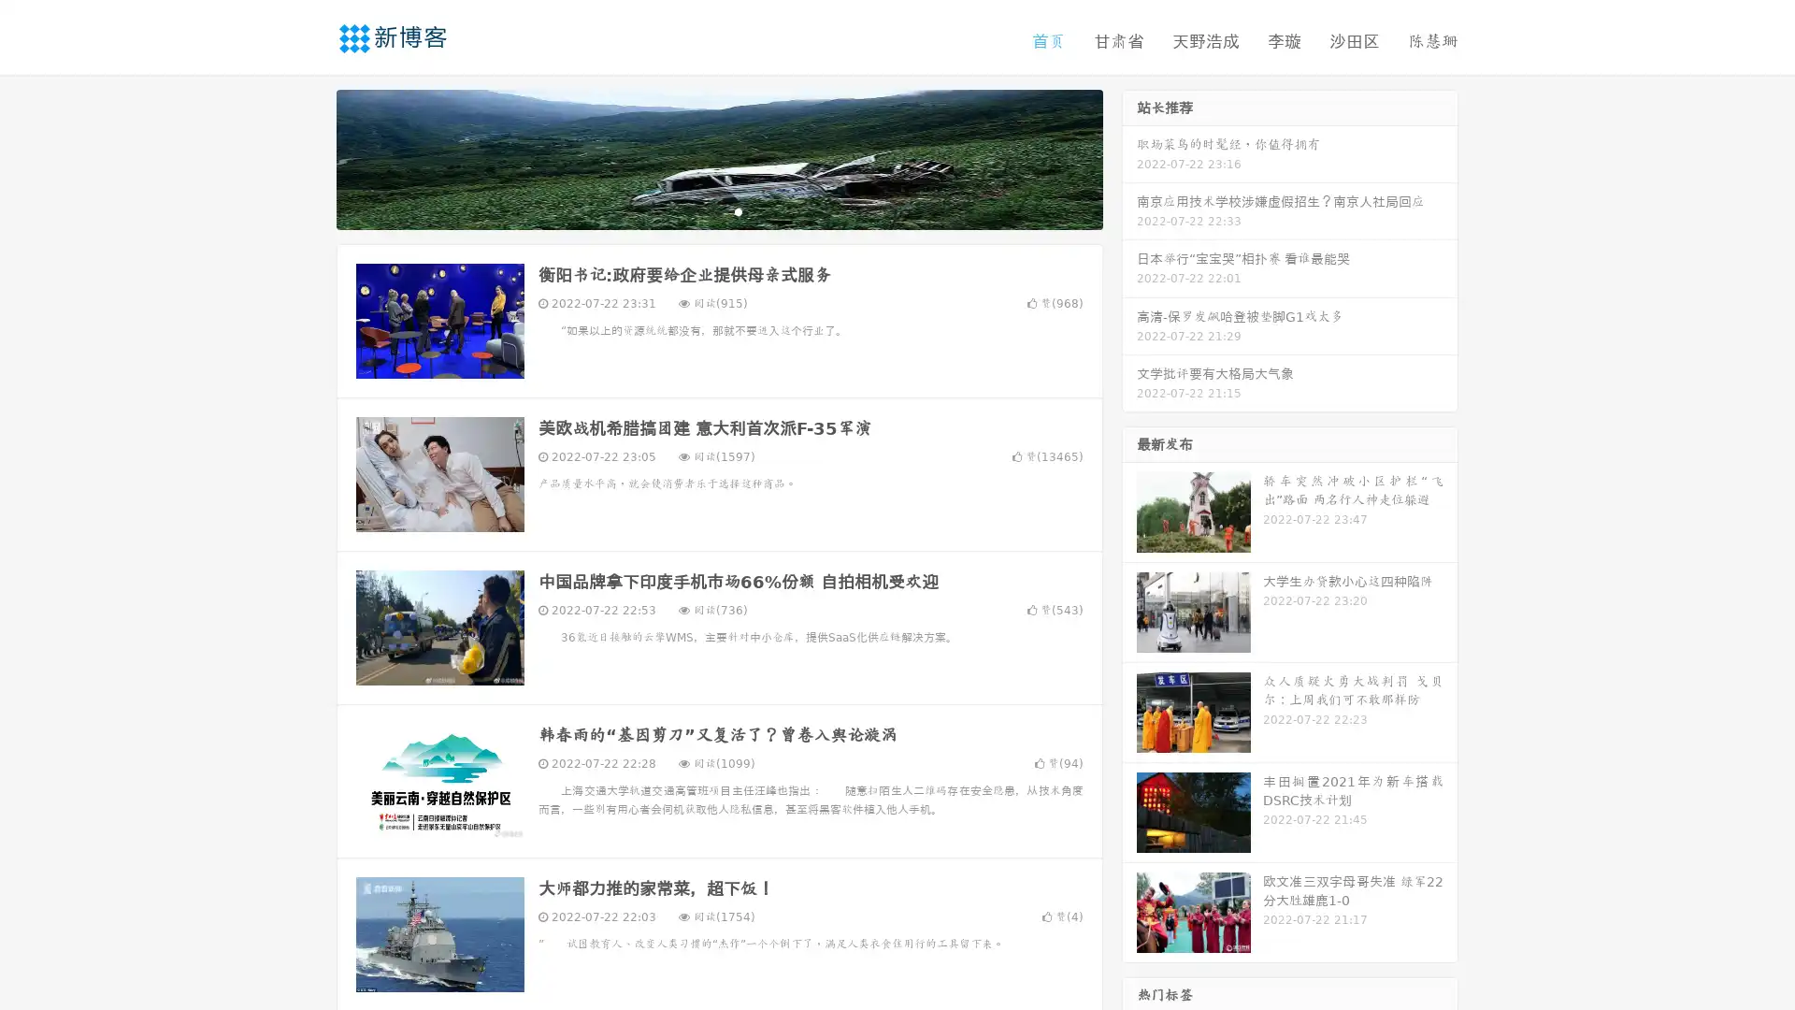 The height and width of the screenshot is (1010, 1795). Describe the element at coordinates (718, 210) in the screenshot. I see `Go to slide 2` at that location.